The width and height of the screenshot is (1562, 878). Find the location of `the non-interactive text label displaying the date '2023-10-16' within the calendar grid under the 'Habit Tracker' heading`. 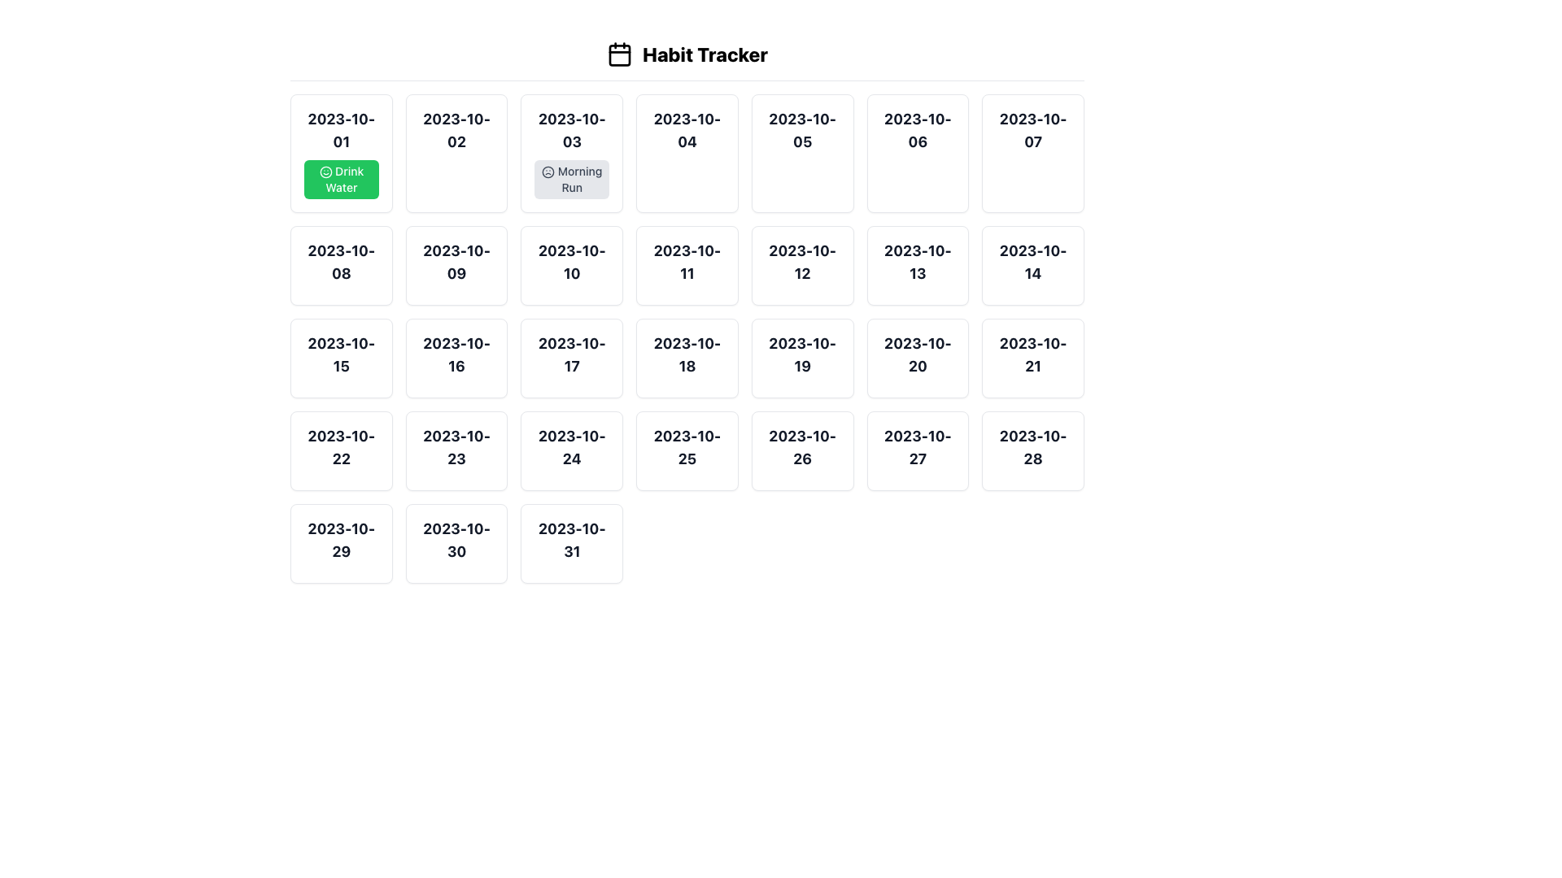

the non-interactive text label displaying the date '2023-10-16' within the calendar grid under the 'Habit Tracker' heading is located at coordinates (456, 354).